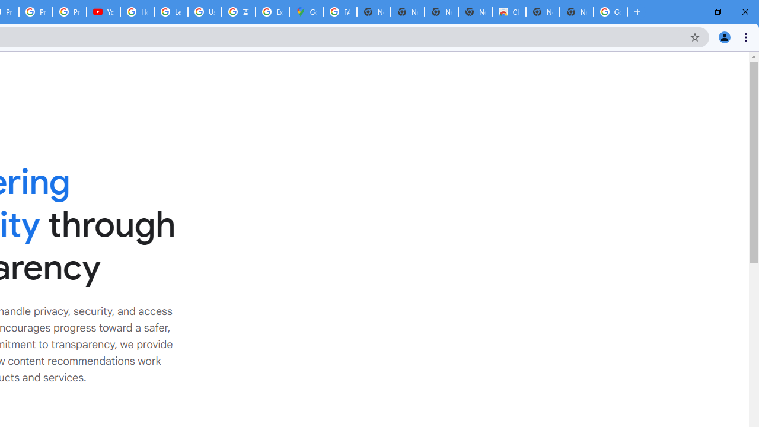 Image resolution: width=759 pixels, height=427 pixels. What do you see at coordinates (272, 12) in the screenshot?
I see `'Explore new street-level details - Google Maps Help'` at bounding box center [272, 12].